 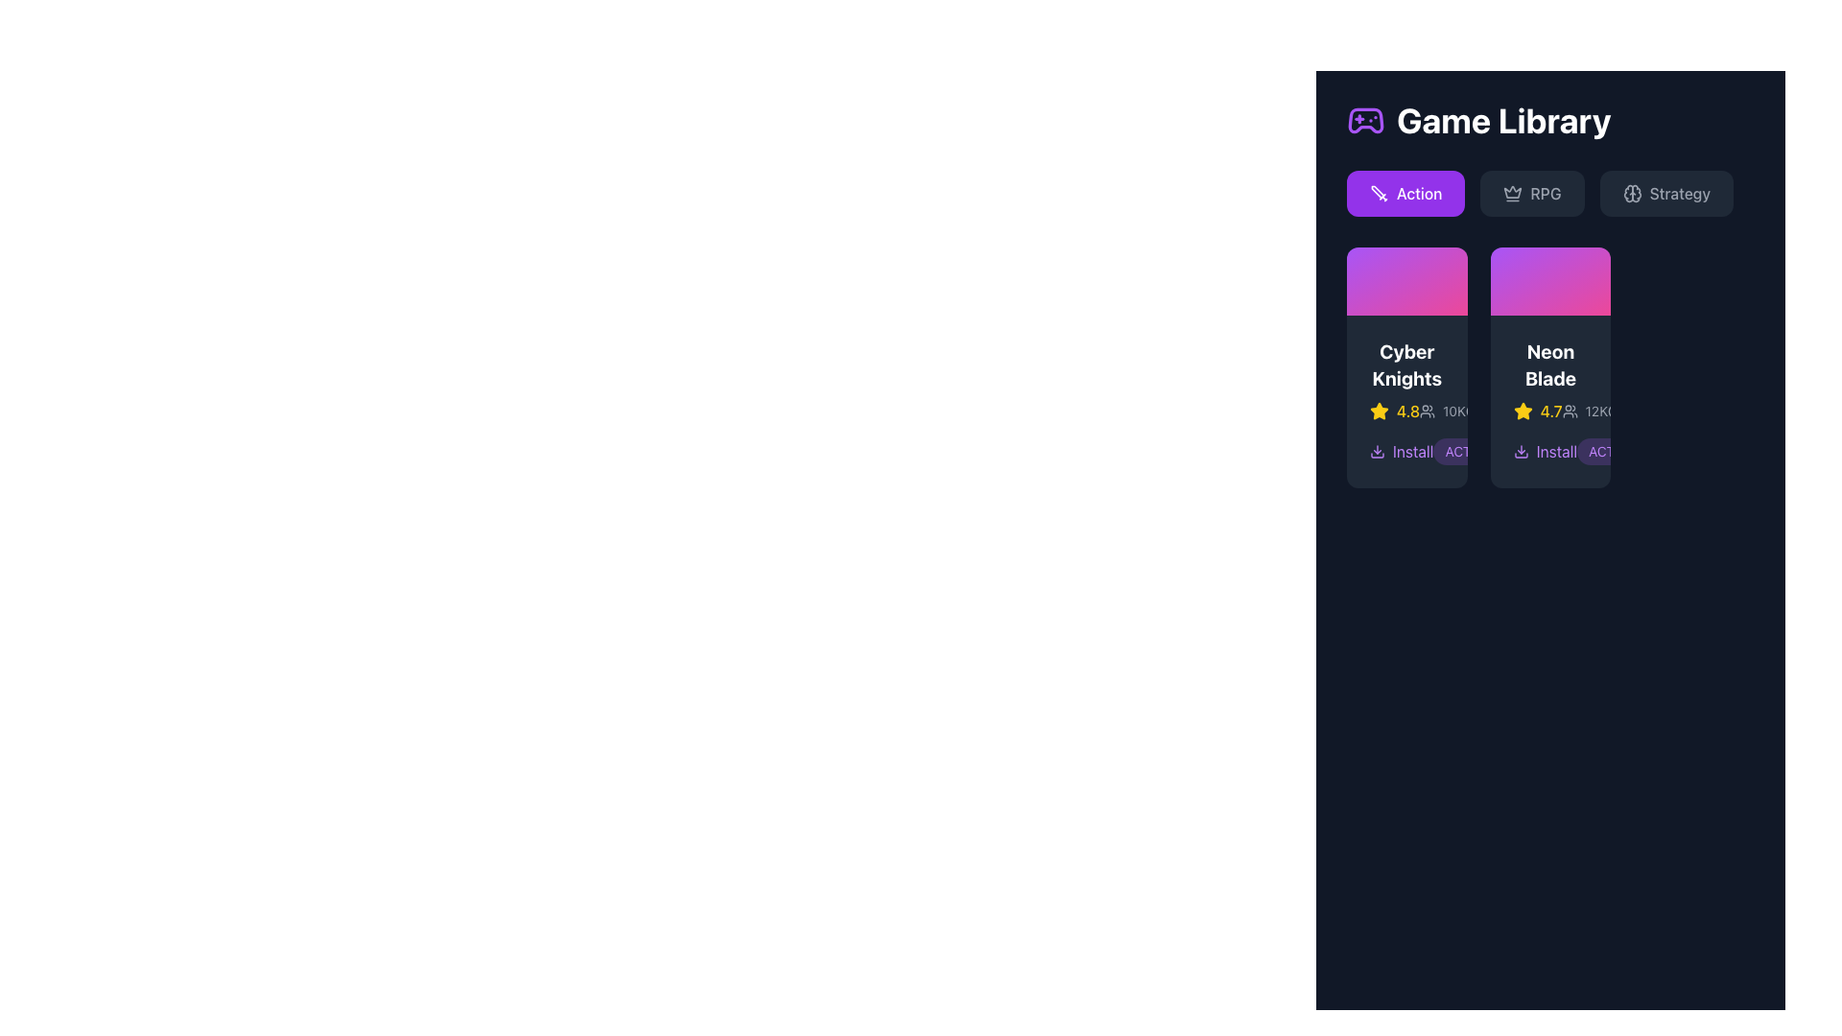 What do you see at coordinates (1406, 367) in the screenshot?
I see `the first game listing card in the 'Game Library'` at bounding box center [1406, 367].